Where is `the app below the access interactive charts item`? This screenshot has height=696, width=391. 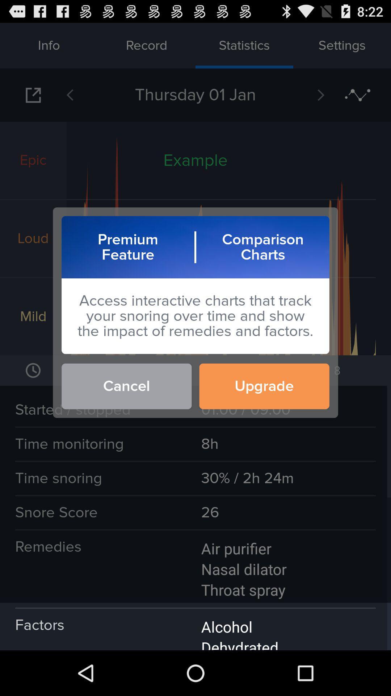
the app below the access interactive charts item is located at coordinates (126, 386).